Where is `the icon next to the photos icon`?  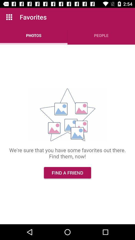 the icon next to the photos icon is located at coordinates (101, 35).